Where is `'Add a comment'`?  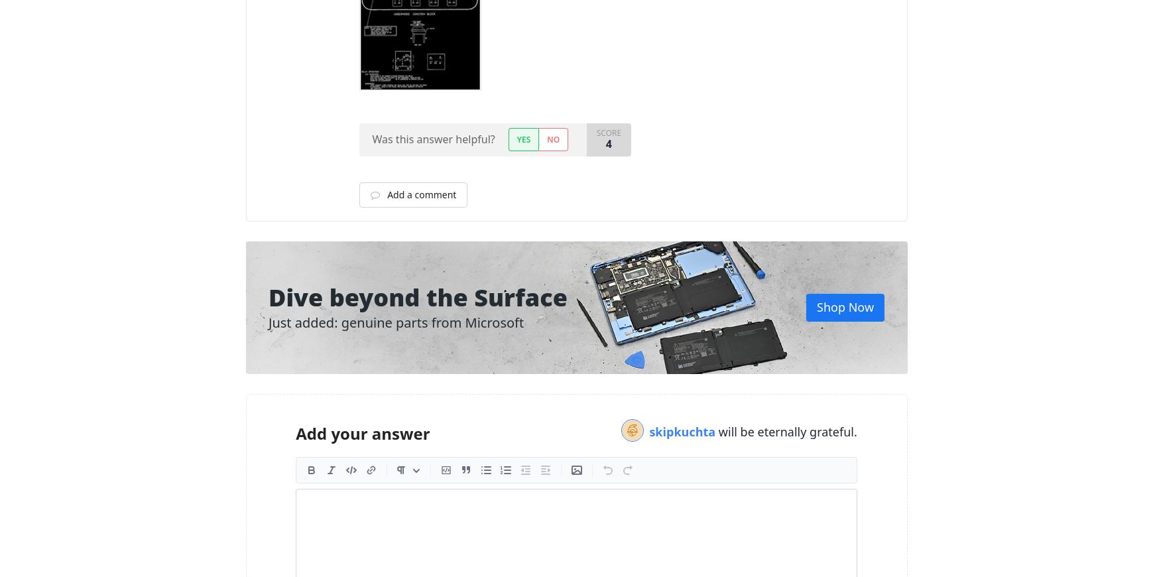
'Add a comment' is located at coordinates (384, 194).